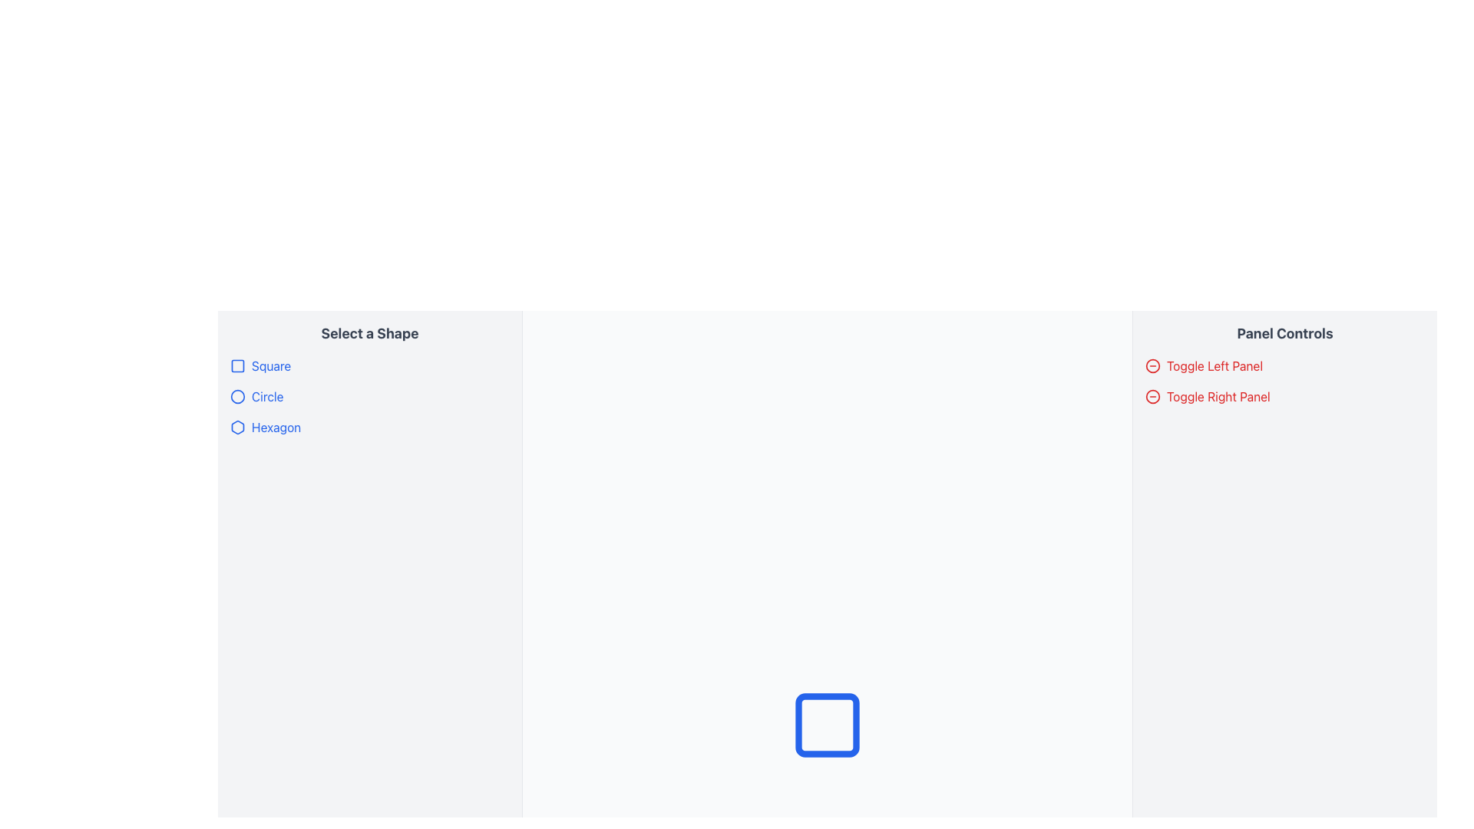 The height and width of the screenshot is (829, 1474). What do you see at coordinates (271, 366) in the screenshot?
I see `text displayed in the first text label under the header 'Select a Shape' in the left pane` at bounding box center [271, 366].